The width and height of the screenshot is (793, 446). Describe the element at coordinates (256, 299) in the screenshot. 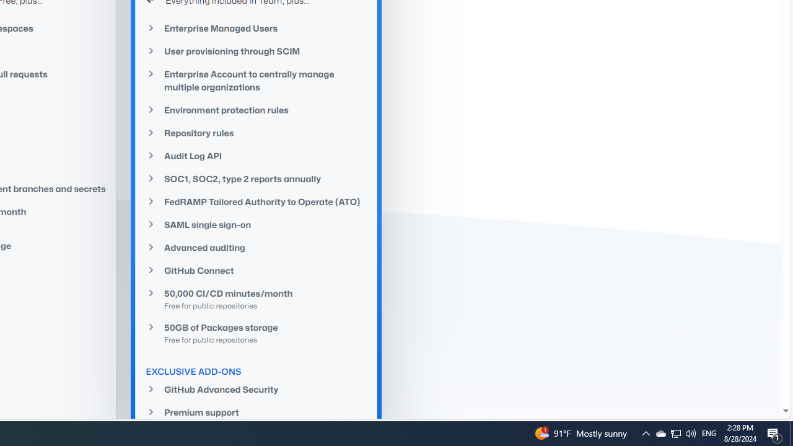

I see `'50,000 CI/CD minutes/monthFree for public repositories'` at that location.